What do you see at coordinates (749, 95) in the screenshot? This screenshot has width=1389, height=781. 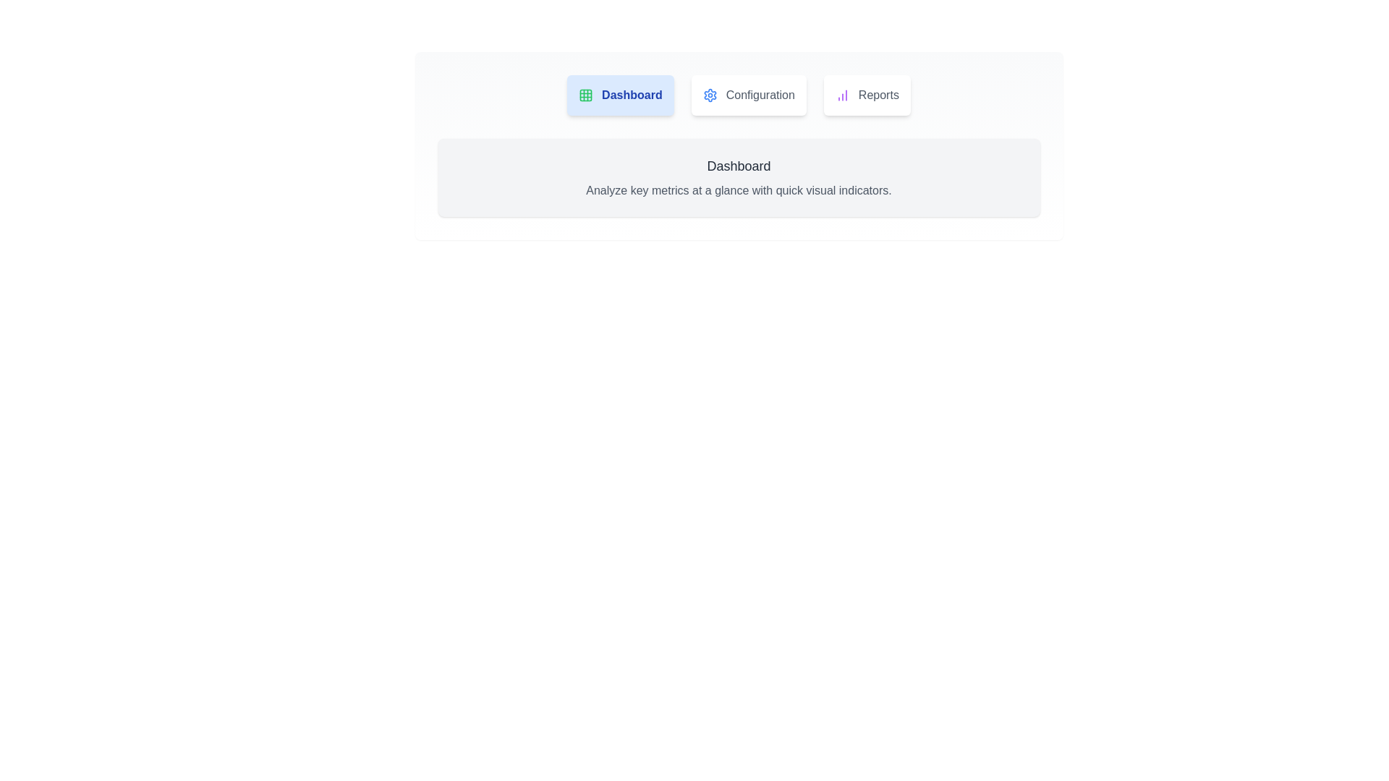 I see `the Configuration tab to switch to its content` at bounding box center [749, 95].